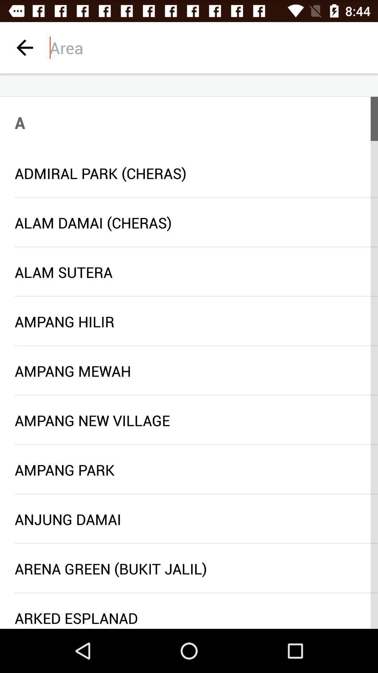  What do you see at coordinates (196, 543) in the screenshot?
I see `icon above arena green bukit` at bounding box center [196, 543].